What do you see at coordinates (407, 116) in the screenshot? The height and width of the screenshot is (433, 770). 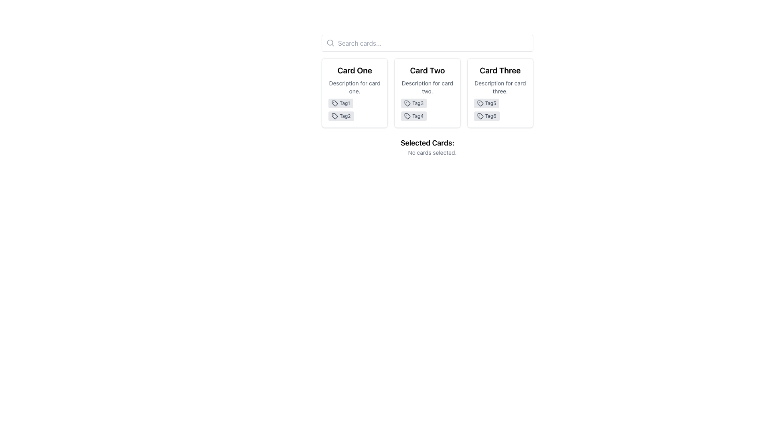 I see `the tag-shaped icon located in the 'Card Two' section of the horizontal card deck, which resembles a price tag and is styled in neutral colors` at bounding box center [407, 116].